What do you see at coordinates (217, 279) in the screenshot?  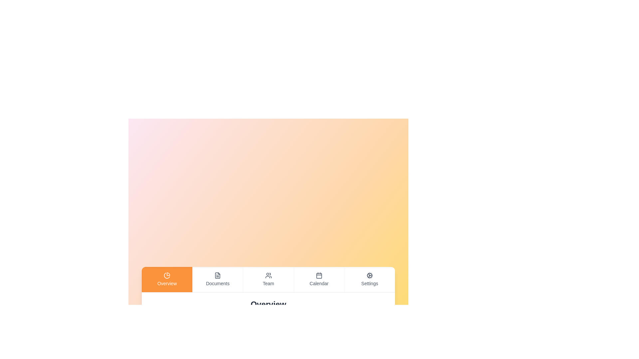 I see `the 'Documents' navigation tab` at bounding box center [217, 279].